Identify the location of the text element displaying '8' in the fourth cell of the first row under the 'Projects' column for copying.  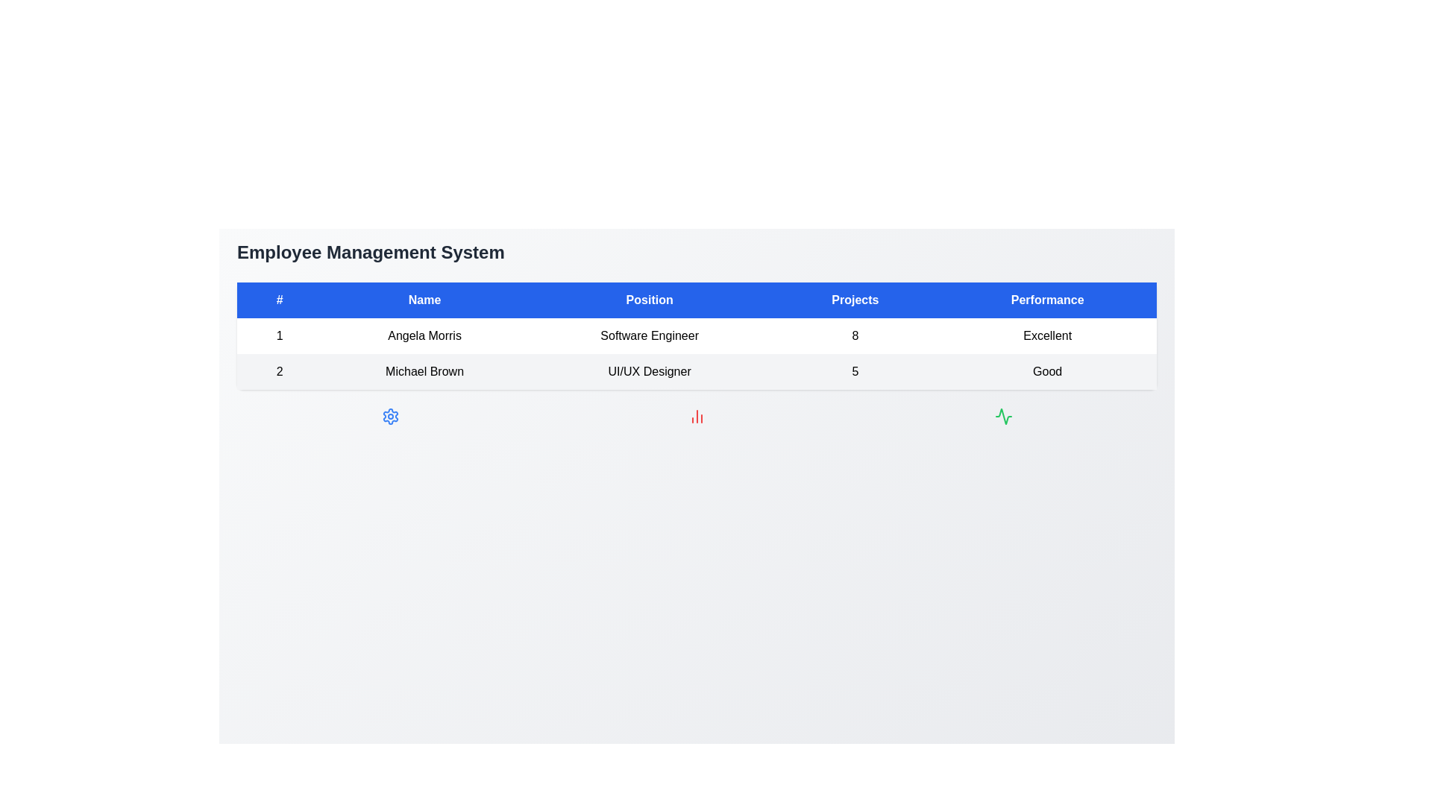
(855, 336).